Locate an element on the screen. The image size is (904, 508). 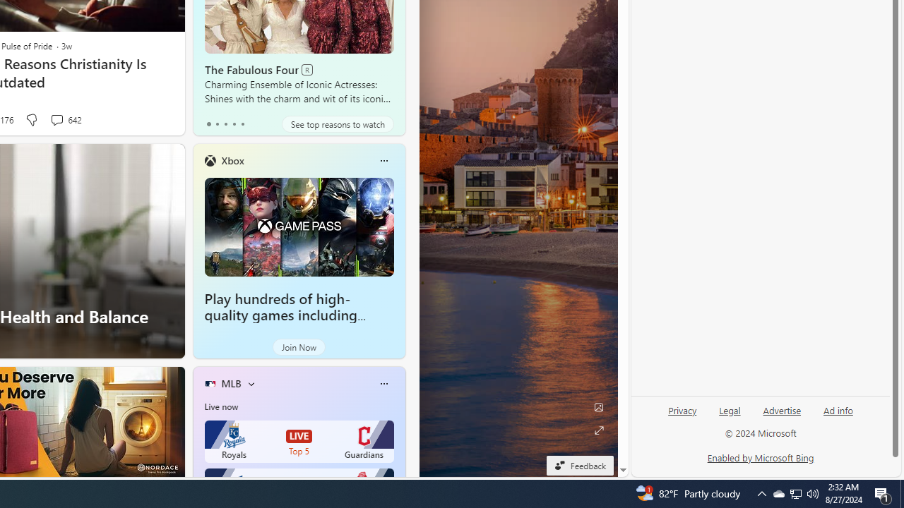
'Xbox' is located at coordinates (232, 159).